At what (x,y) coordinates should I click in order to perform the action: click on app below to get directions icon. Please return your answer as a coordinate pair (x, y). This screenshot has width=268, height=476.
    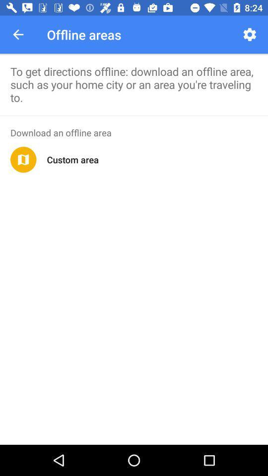
    Looking at the image, I should click on (134, 116).